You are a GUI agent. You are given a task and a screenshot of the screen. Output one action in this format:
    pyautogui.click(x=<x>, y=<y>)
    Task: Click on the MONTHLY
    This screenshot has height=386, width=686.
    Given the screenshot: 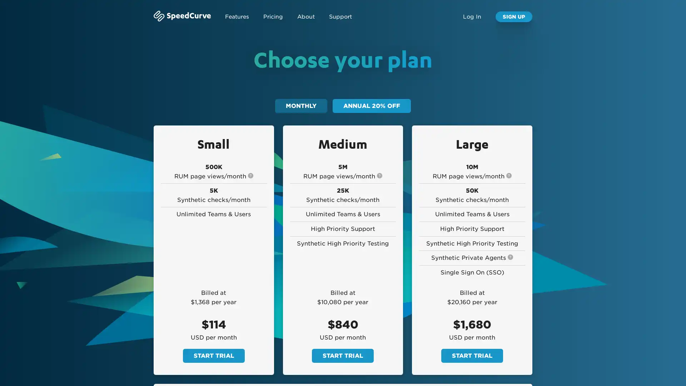 What is the action you would take?
    pyautogui.click(x=301, y=106)
    